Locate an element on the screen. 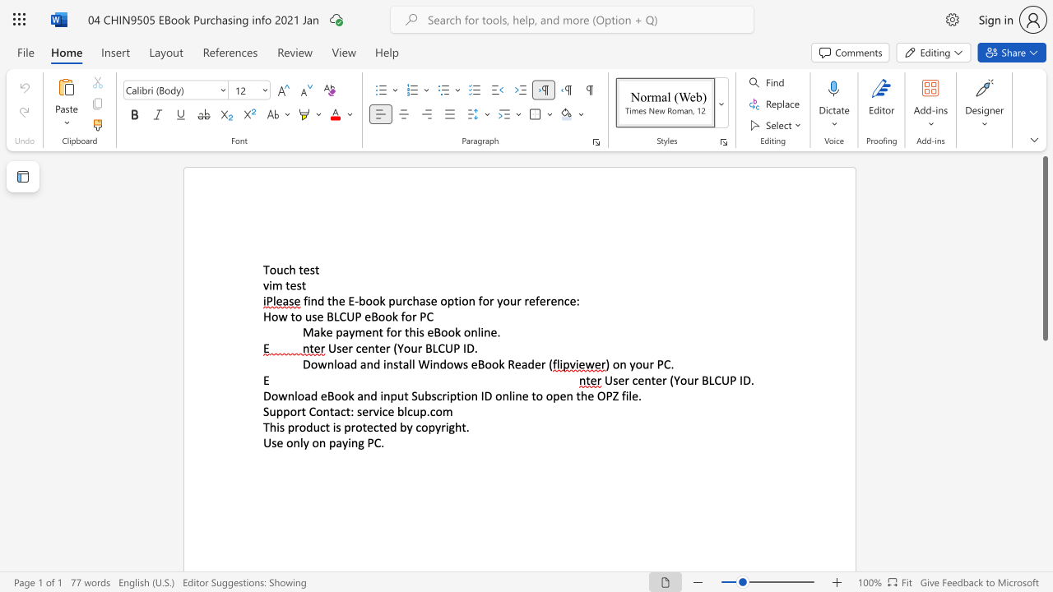 Image resolution: width=1053 pixels, height=592 pixels. the space between the continuous character "I" and "D" in the text is located at coordinates (485, 395).